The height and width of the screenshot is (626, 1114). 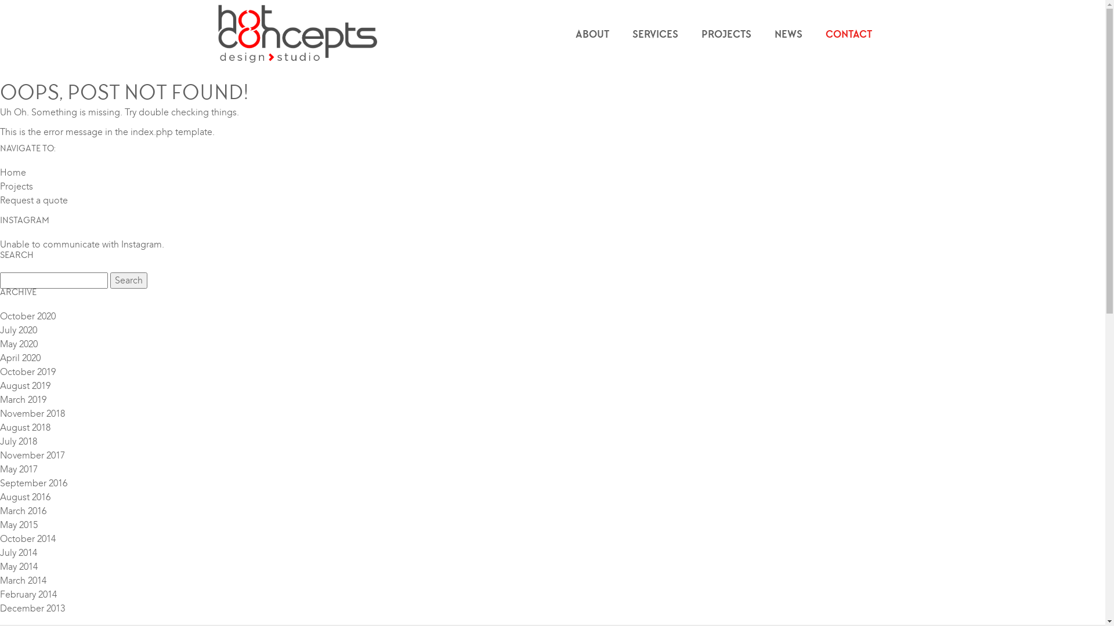 What do you see at coordinates (788, 34) in the screenshot?
I see `'NEWS'` at bounding box center [788, 34].